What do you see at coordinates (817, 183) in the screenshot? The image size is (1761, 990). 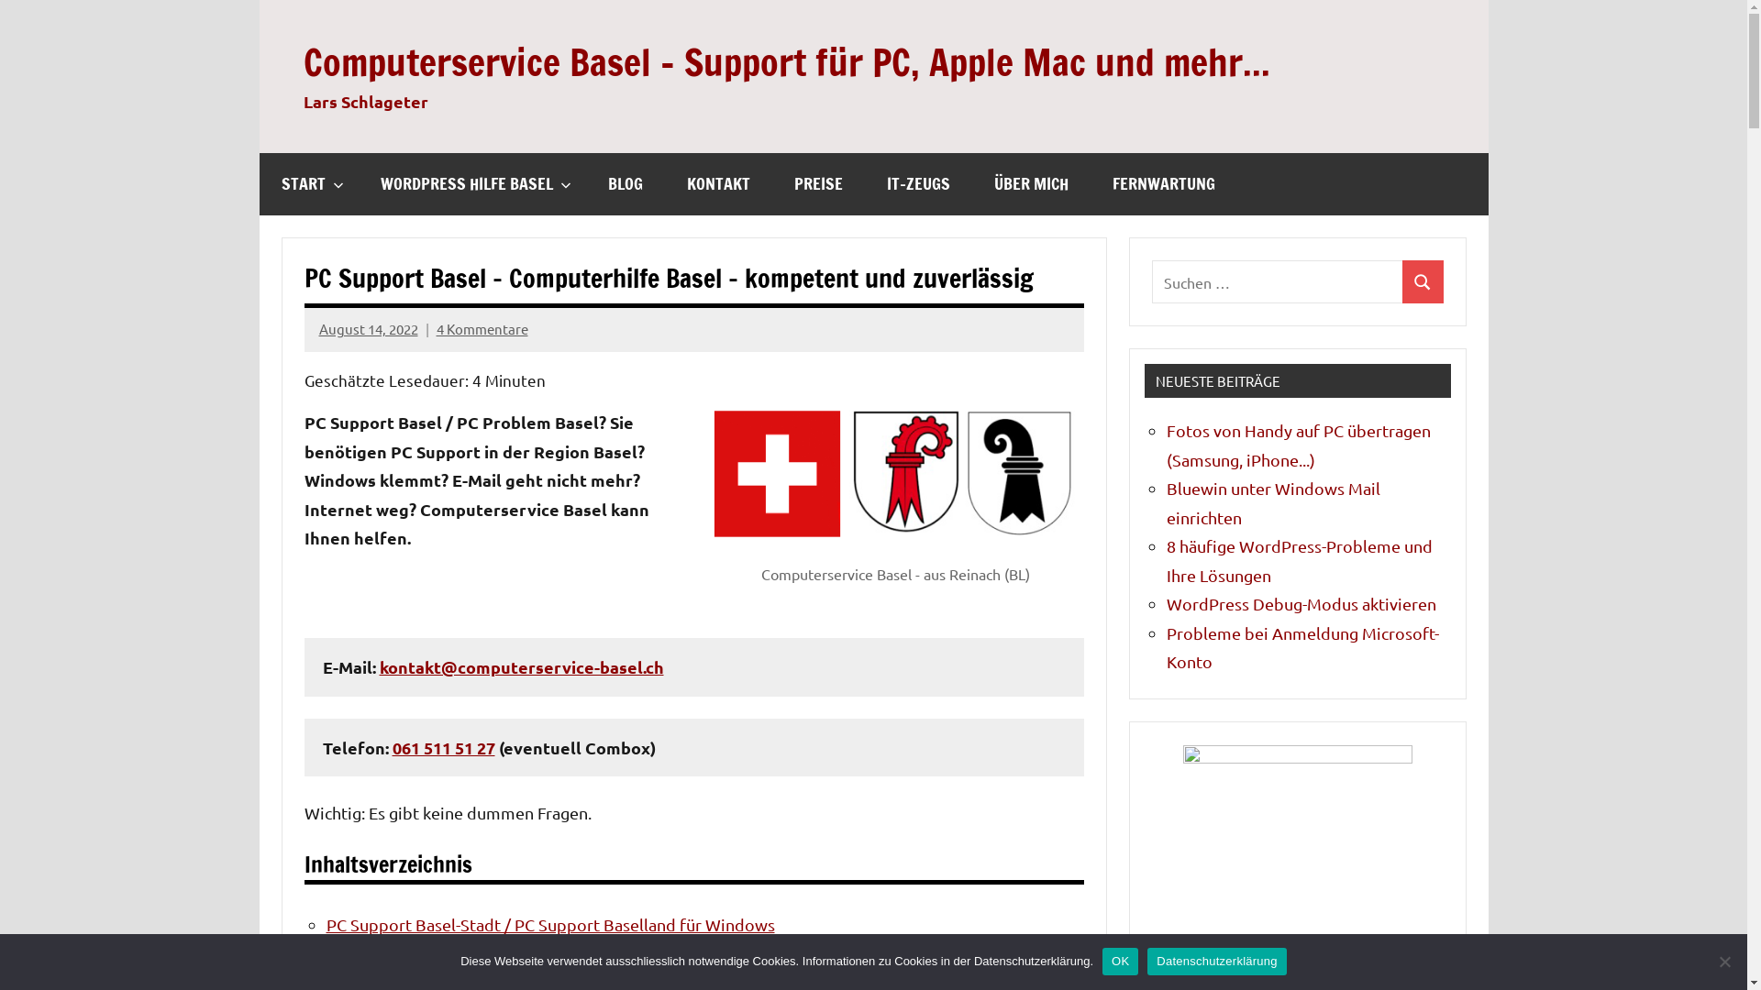 I see `'PREISE'` at bounding box center [817, 183].